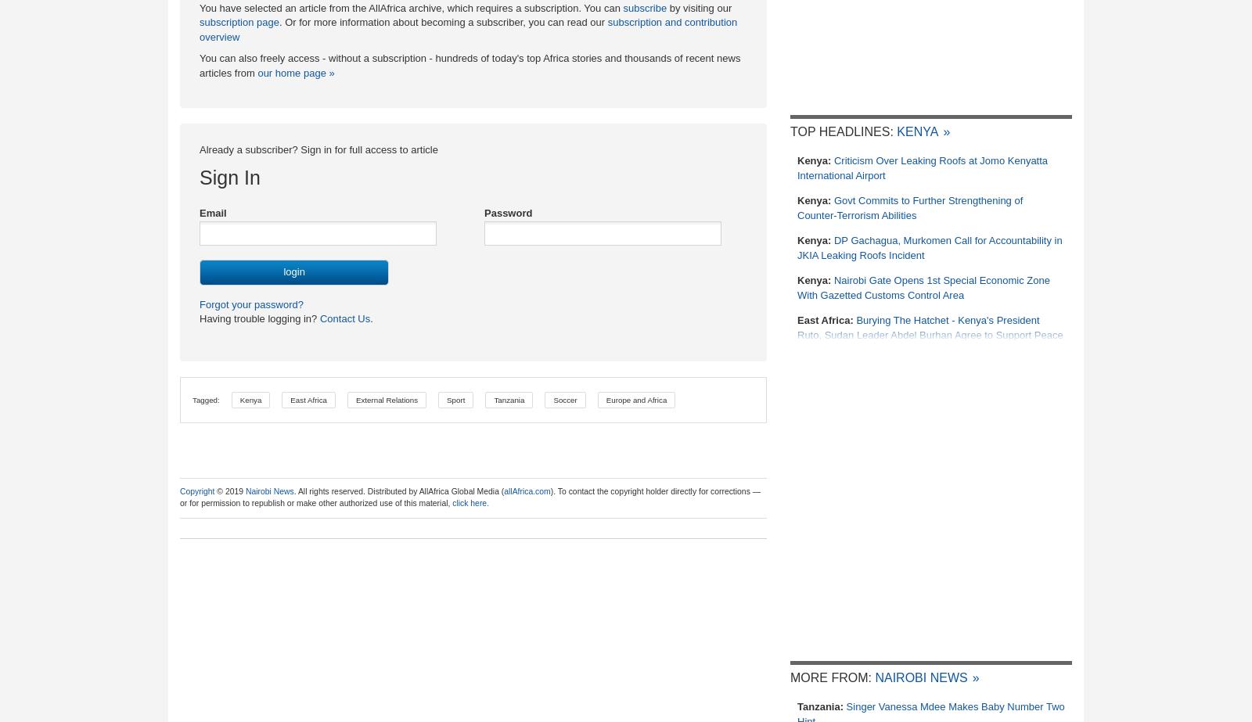  Describe the element at coordinates (797, 319) in the screenshot. I see `'East Africa:'` at that location.